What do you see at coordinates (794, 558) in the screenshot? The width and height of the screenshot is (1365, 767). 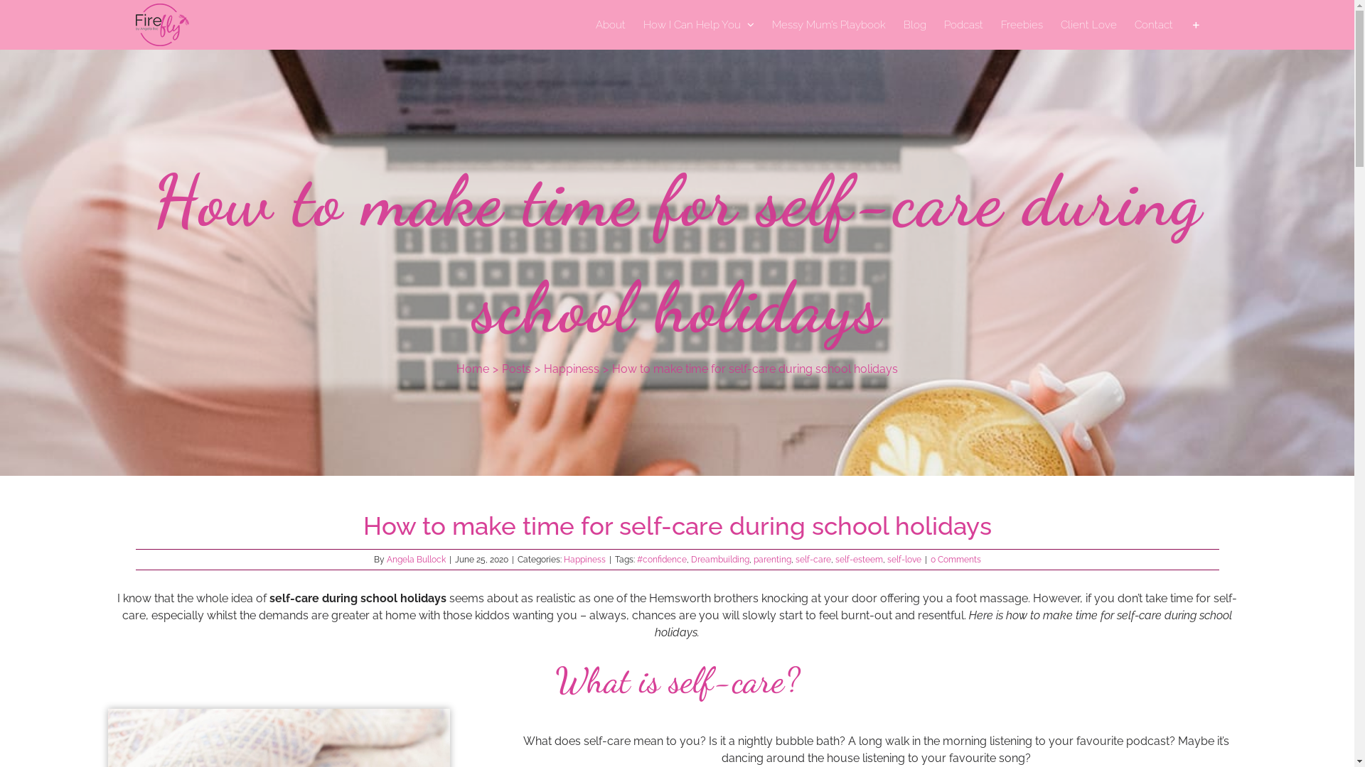 I see `'self-care'` at bounding box center [794, 558].